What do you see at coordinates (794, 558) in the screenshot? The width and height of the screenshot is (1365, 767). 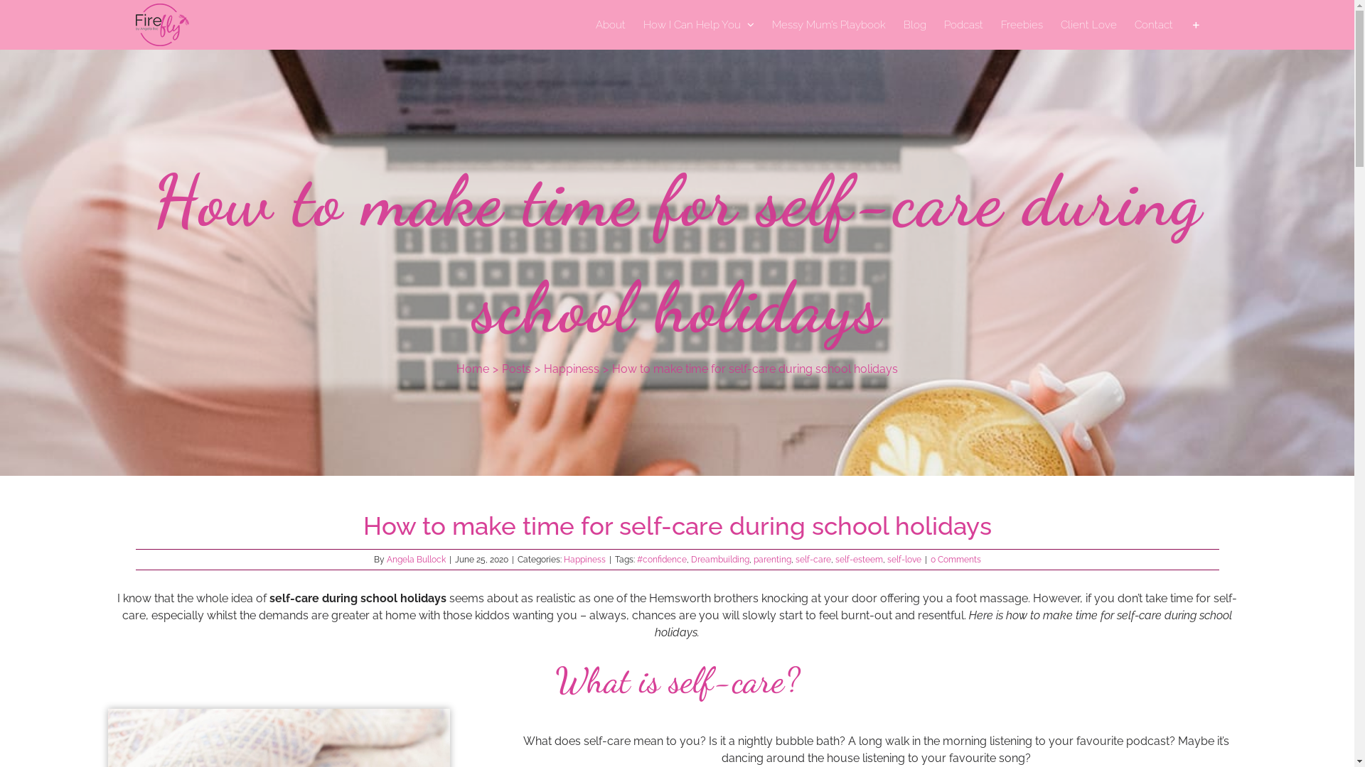 I see `'self-care'` at bounding box center [794, 558].